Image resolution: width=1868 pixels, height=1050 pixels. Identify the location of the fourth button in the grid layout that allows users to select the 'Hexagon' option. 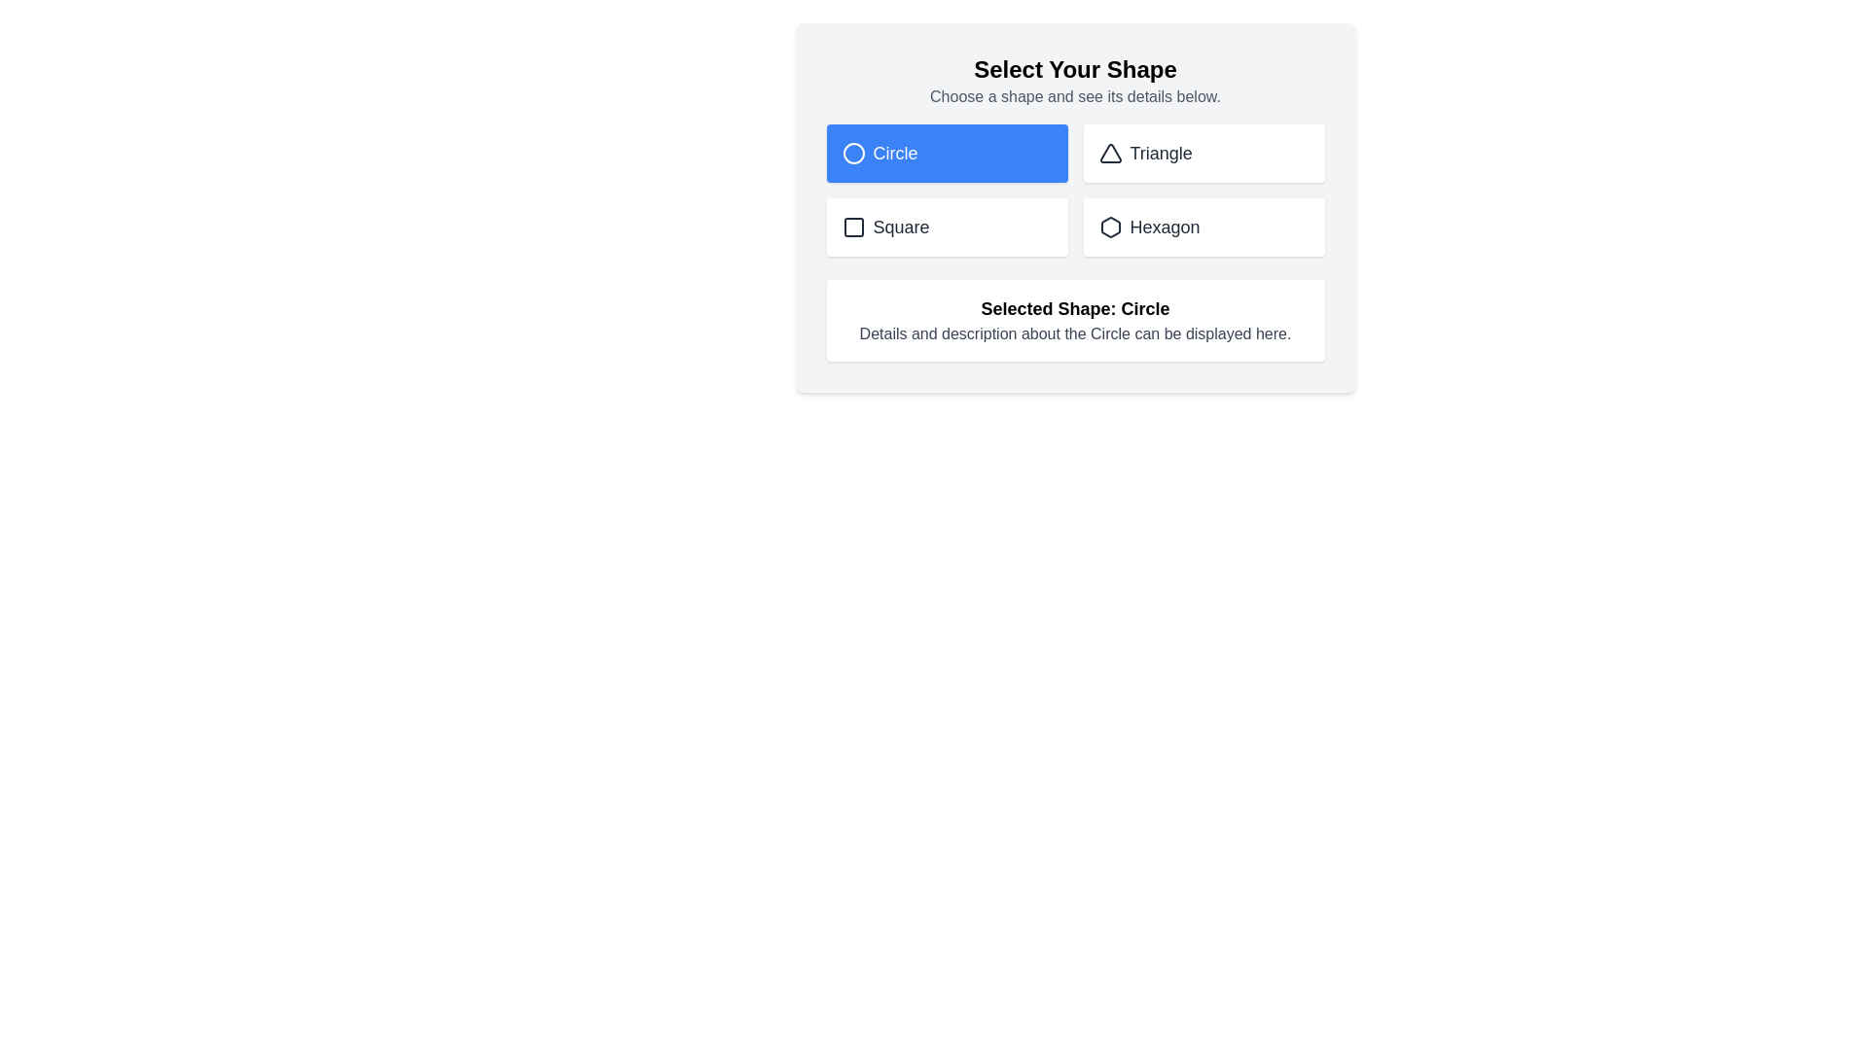
(1203, 227).